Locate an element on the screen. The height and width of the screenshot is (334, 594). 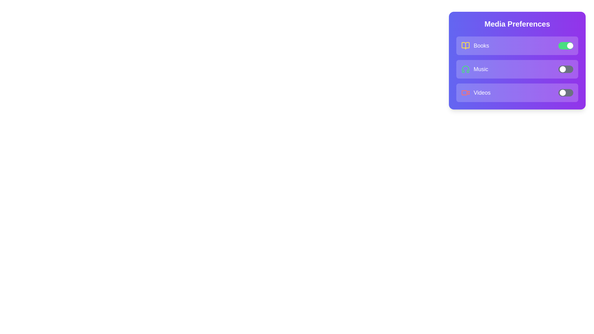
the 'Books' icon in the 'Media Preferences' settings, which is located in the first row to the left of the label 'Books' is located at coordinates (466, 45).